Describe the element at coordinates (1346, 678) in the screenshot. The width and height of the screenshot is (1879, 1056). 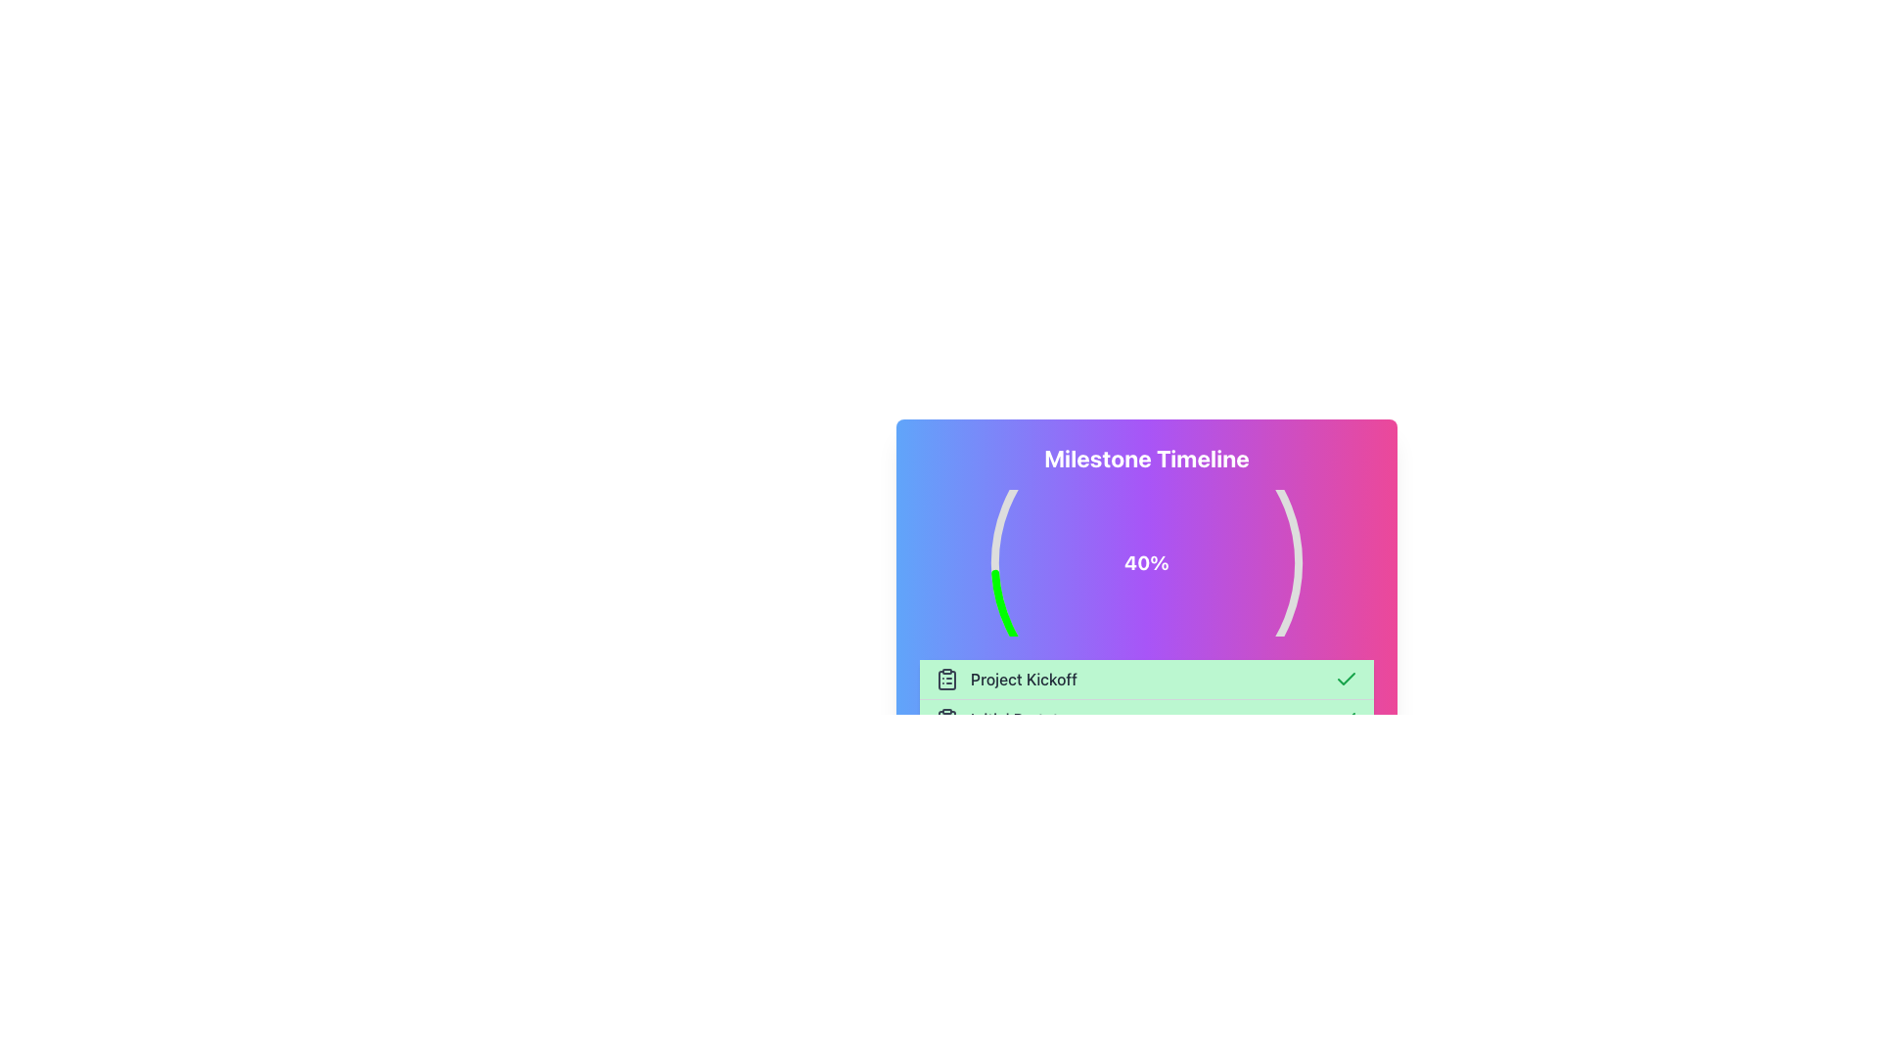
I see `the checkmark icon in the upper-right corner of the green header labeled 'Project Kickoff' for feedback on task completion` at that location.